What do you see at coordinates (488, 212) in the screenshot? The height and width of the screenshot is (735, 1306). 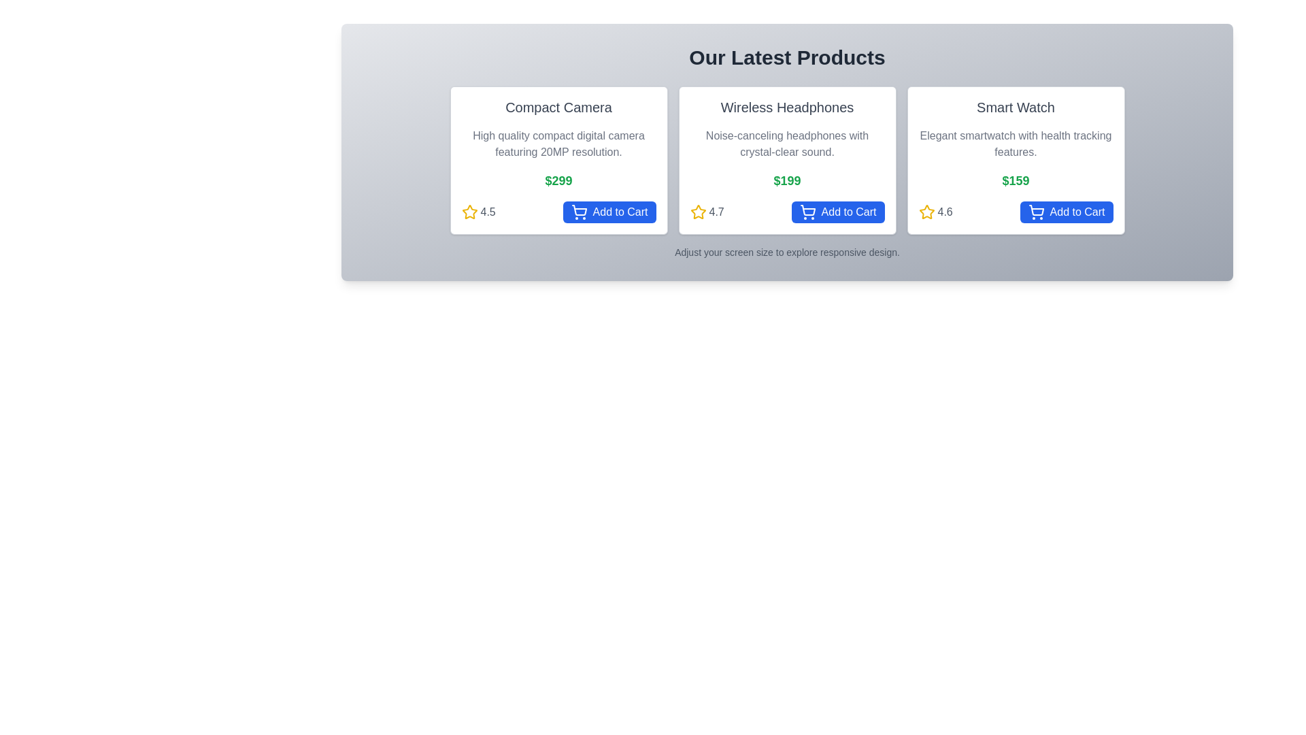 I see `the product rating text located in the bottom-left section of the 'Compact Camera' card, adjacent to the star icon` at bounding box center [488, 212].